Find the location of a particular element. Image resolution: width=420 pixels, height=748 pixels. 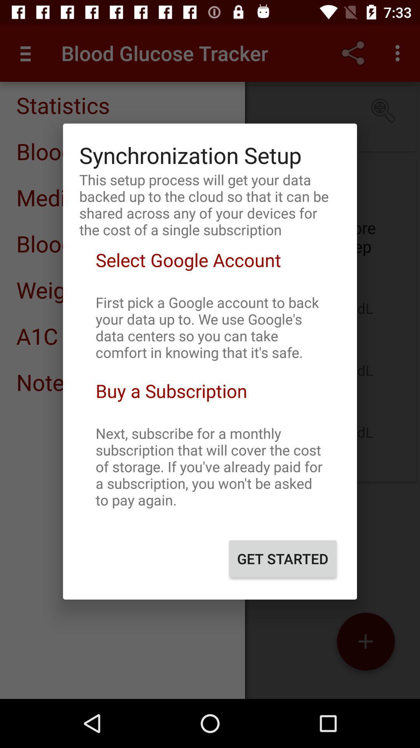

the get started item is located at coordinates (283, 558).